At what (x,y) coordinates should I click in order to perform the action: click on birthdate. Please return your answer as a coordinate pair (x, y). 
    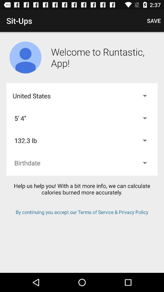
    Looking at the image, I should click on (82, 162).